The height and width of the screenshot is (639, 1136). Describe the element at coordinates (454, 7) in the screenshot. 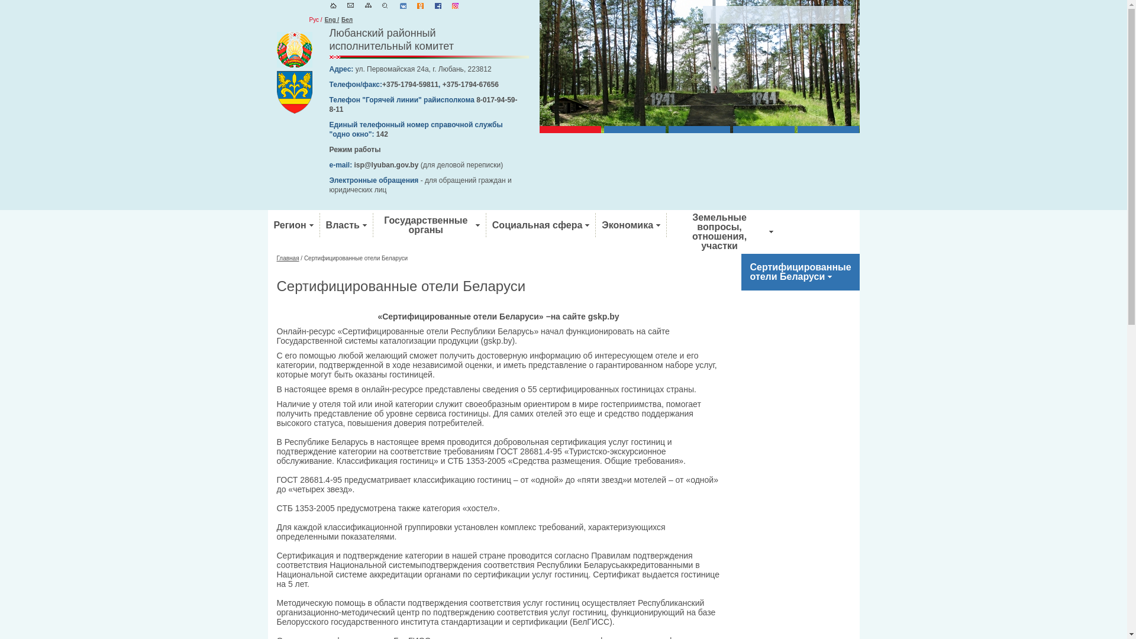

I see `'instagram'` at that location.